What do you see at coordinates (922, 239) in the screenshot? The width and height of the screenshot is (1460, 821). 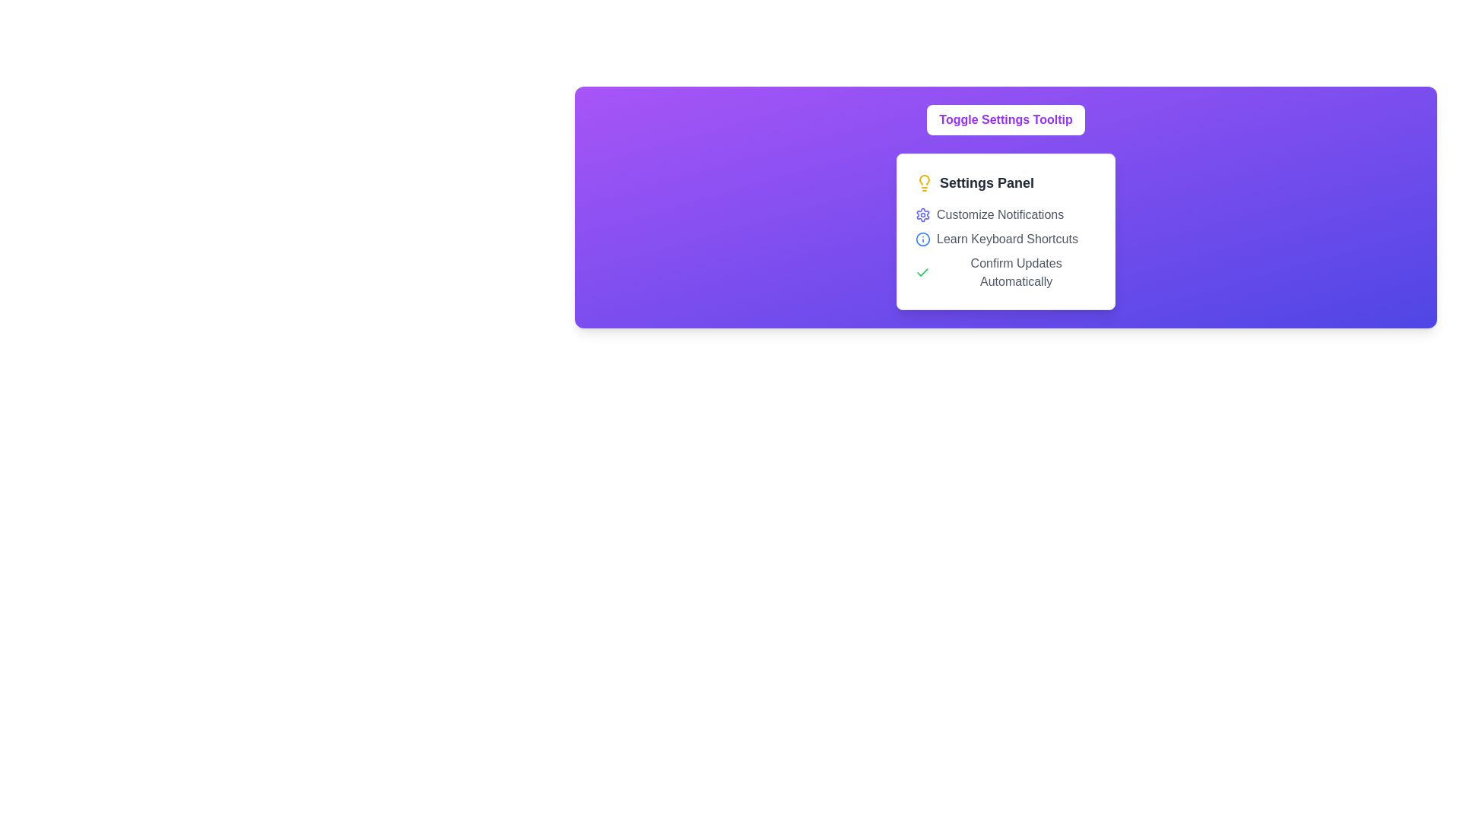 I see `the circular icon with a blue border and blue symbol, which is located to the left of the text 'Learn Keyboard Shortcuts' in the Settings Panel` at bounding box center [922, 239].